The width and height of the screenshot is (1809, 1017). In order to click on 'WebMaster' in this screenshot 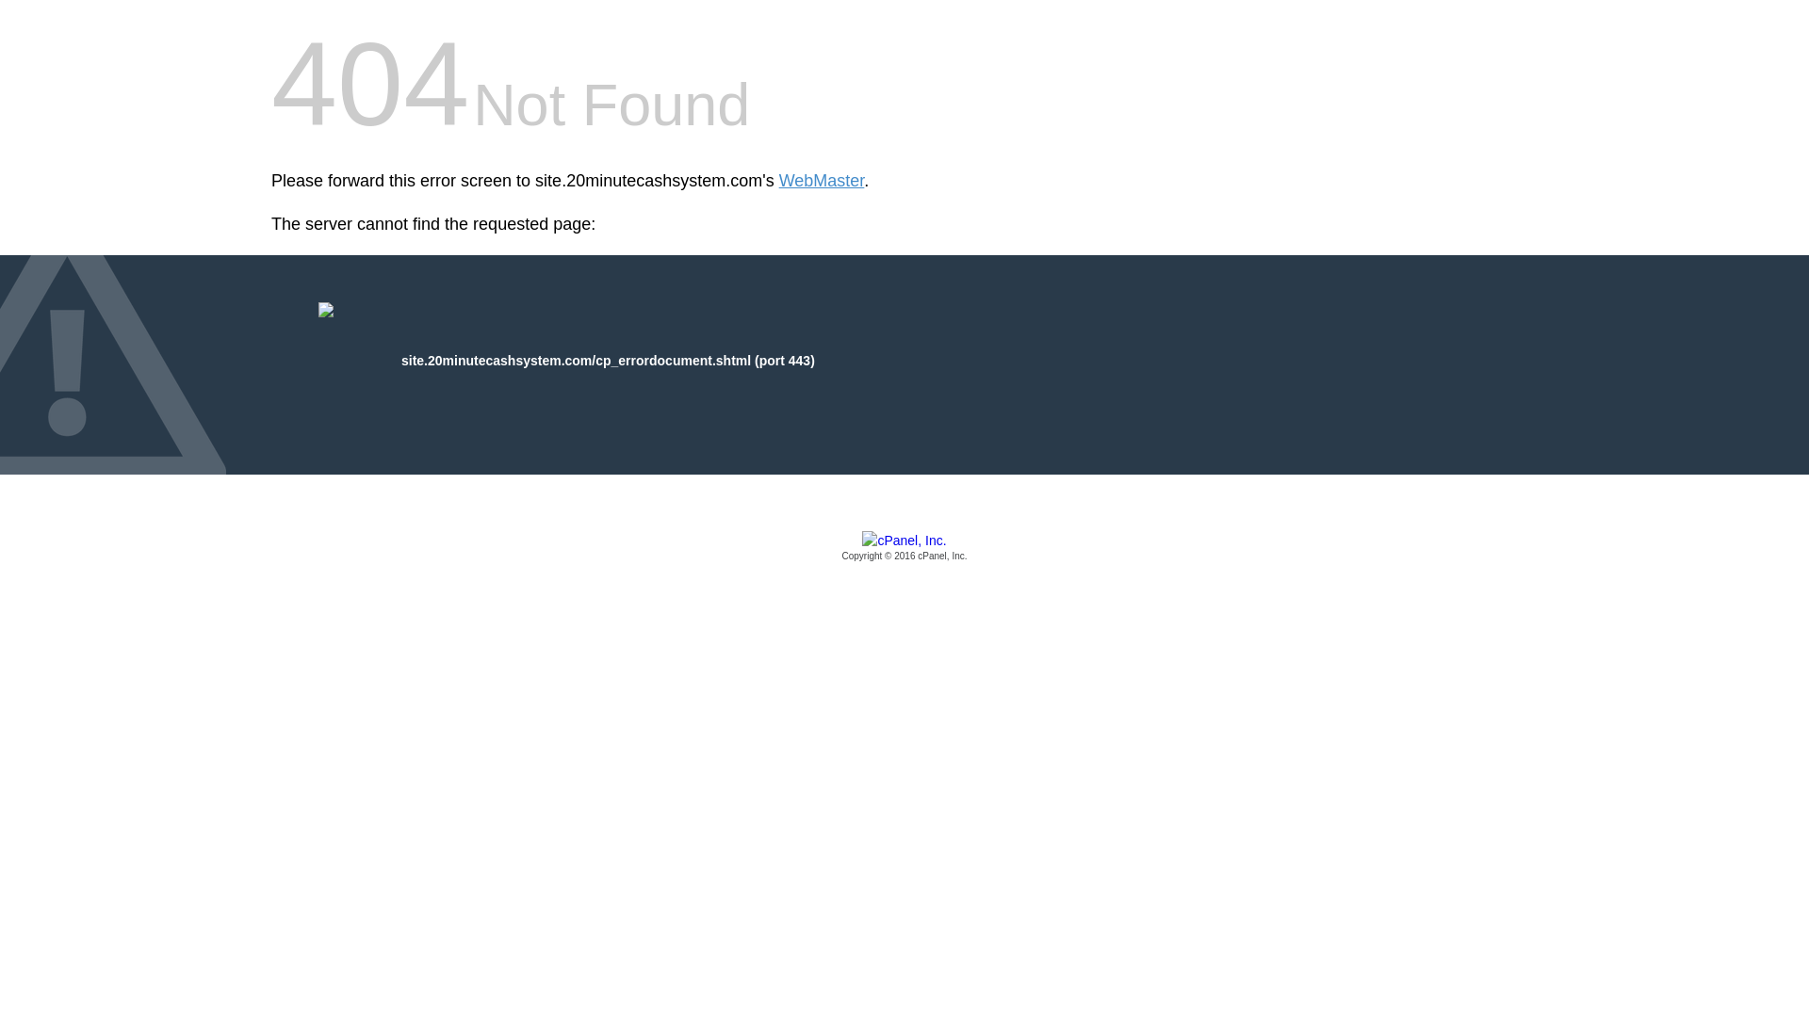, I will do `click(822, 181)`.